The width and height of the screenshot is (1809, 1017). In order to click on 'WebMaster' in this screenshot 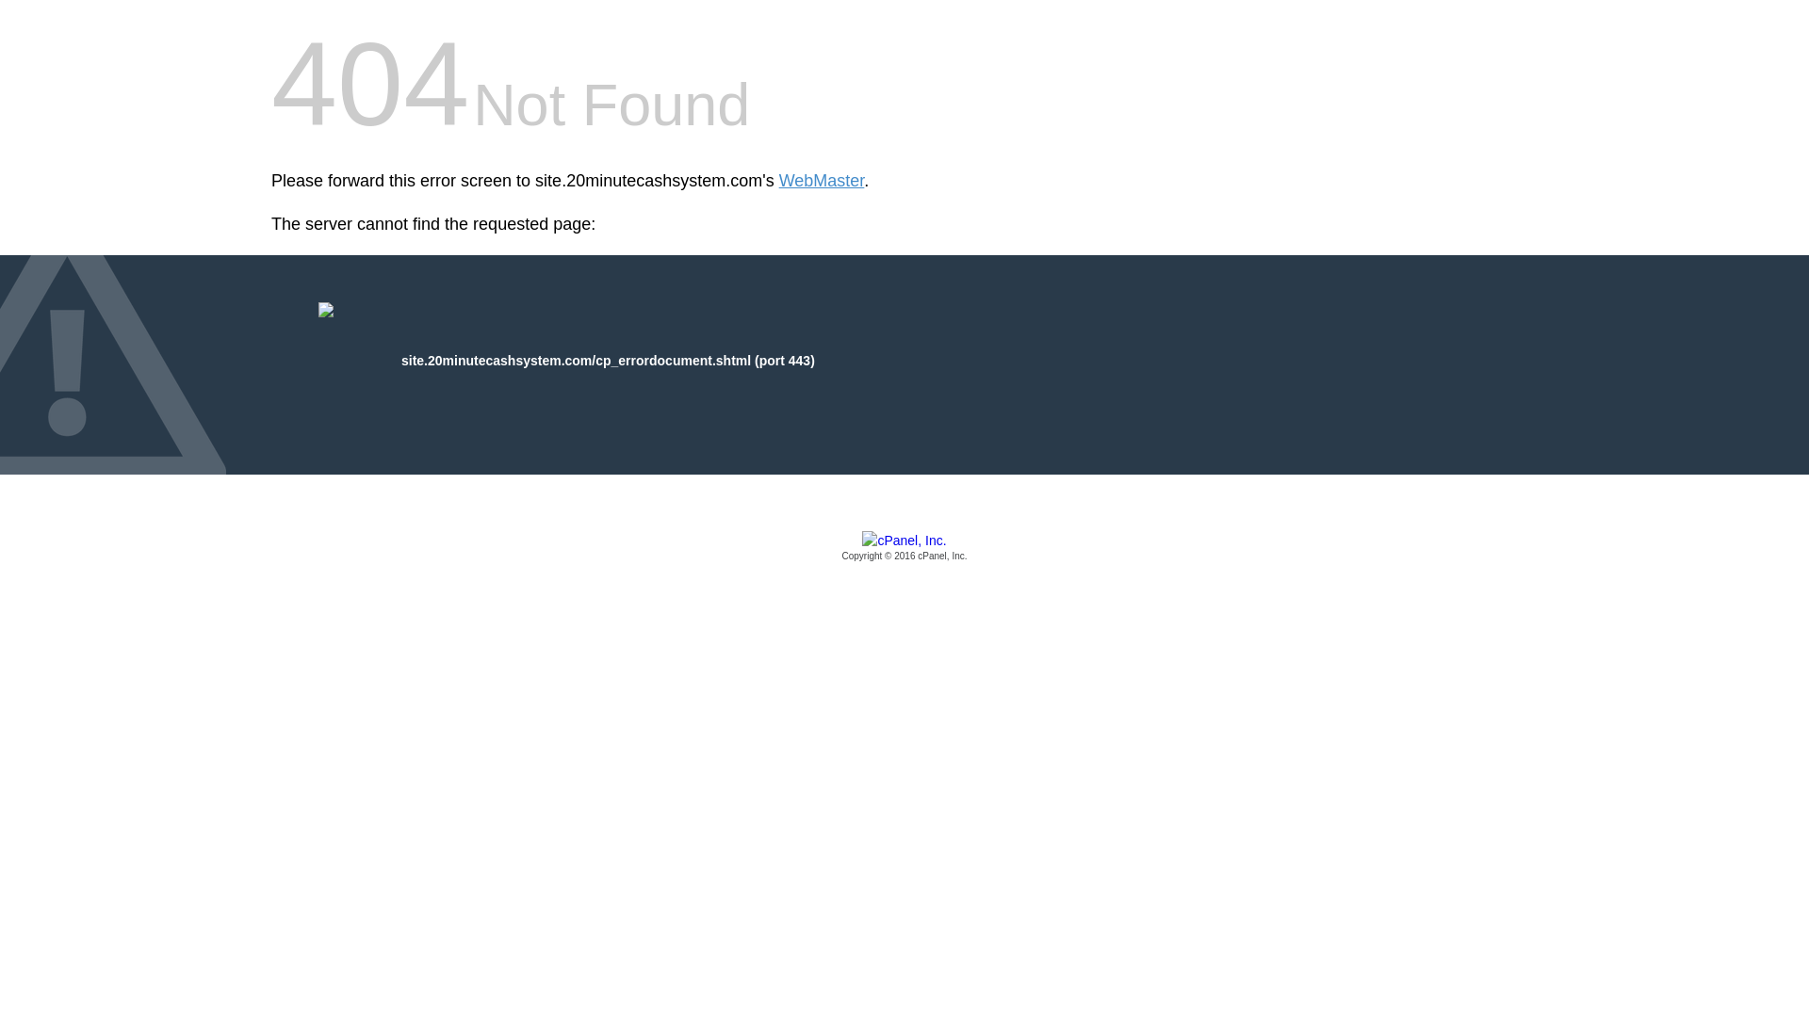, I will do `click(822, 181)`.